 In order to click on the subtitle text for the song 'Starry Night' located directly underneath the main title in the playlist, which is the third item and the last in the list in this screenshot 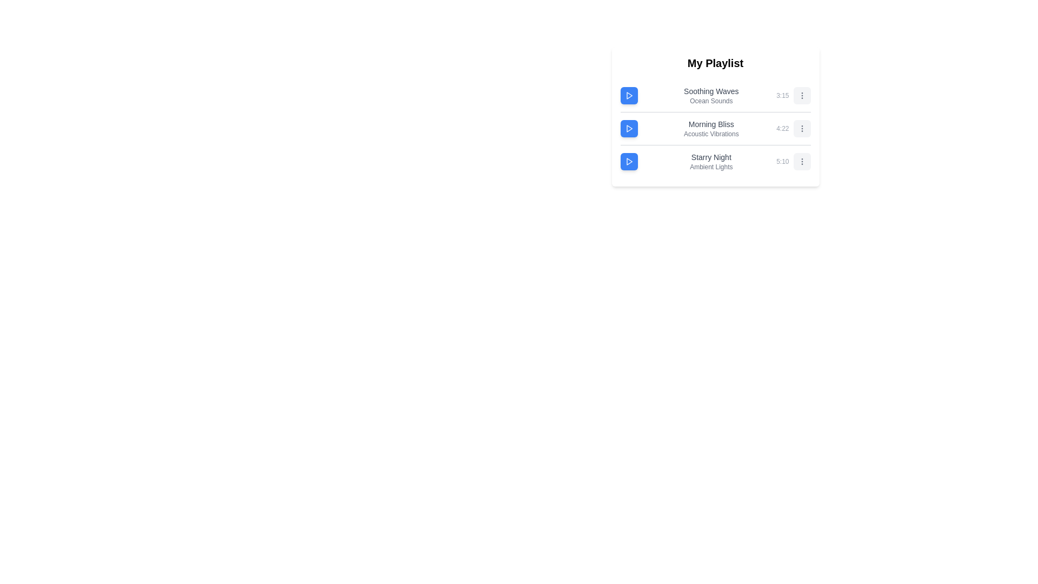, I will do `click(711, 167)`.